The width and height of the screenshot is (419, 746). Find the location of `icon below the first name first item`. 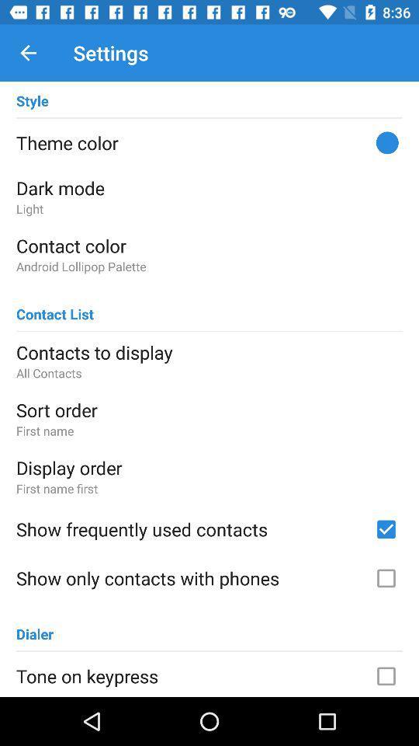

icon below the first name first item is located at coordinates (190, 529).